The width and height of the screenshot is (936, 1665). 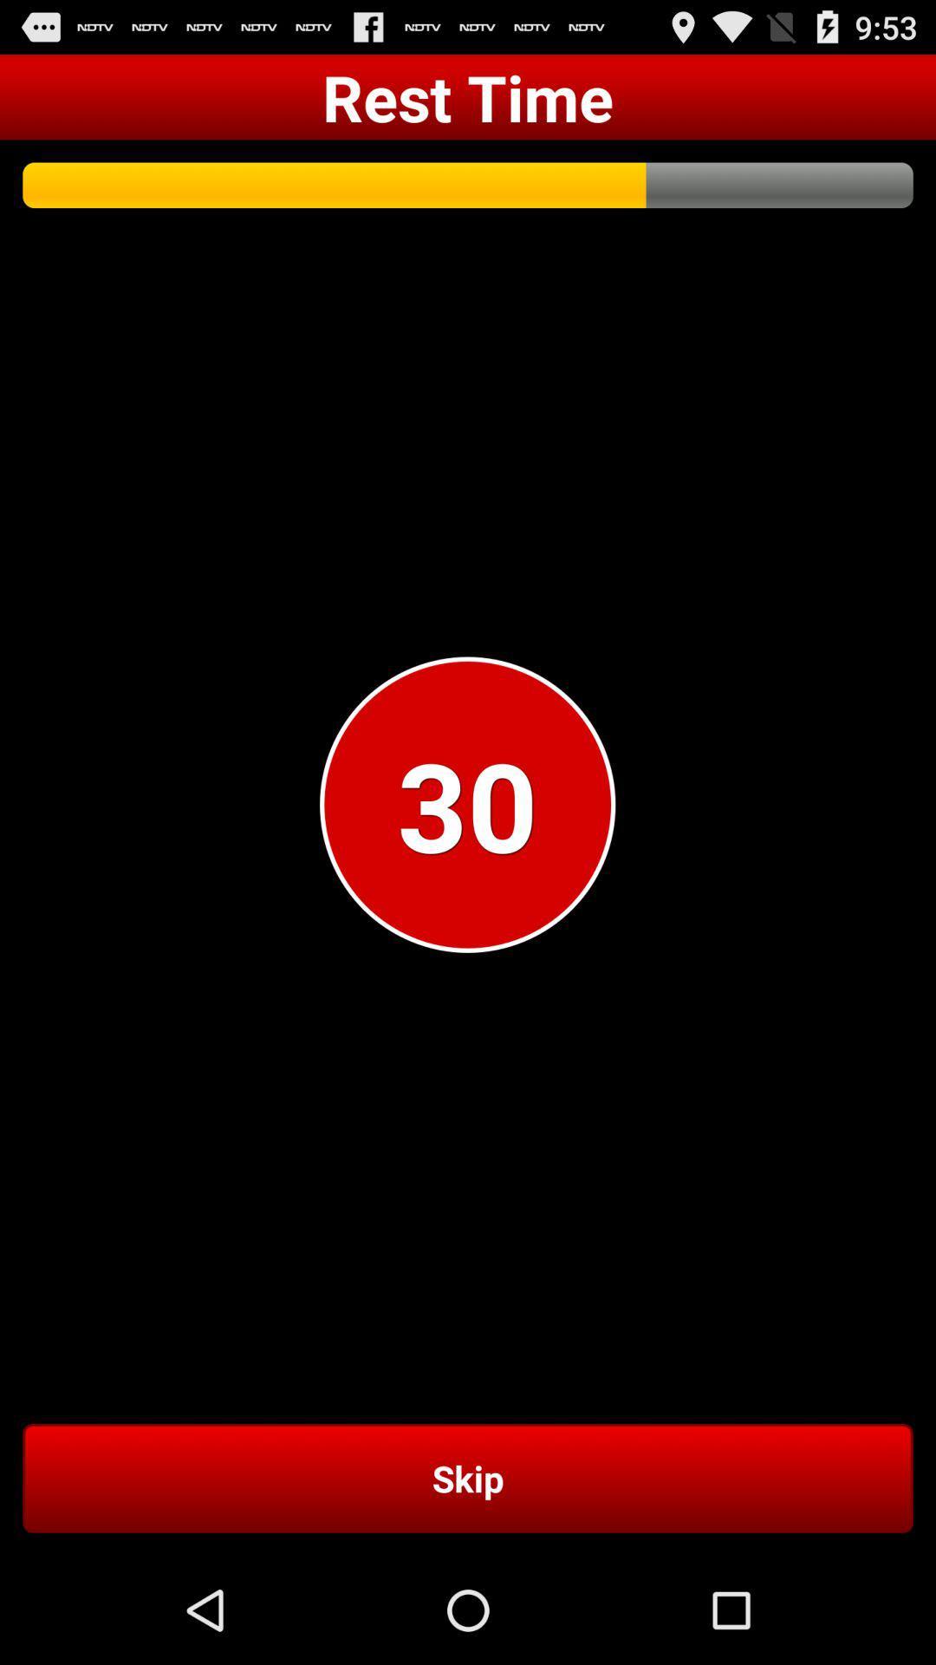 I want to click on item below 30, so click(x=468, y=1477).